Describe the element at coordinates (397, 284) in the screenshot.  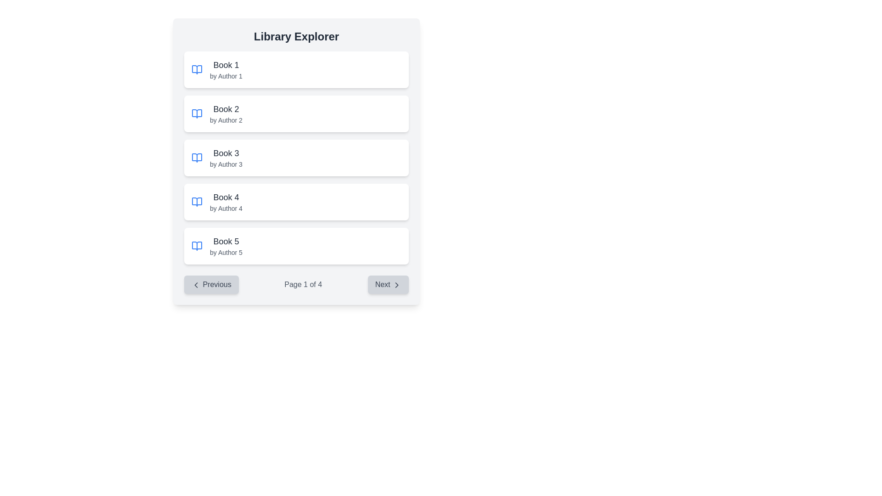
I see `the chevron icon indicating forward navigation located inside the 'Next' button at the bottom-right section of the interface` at that location.